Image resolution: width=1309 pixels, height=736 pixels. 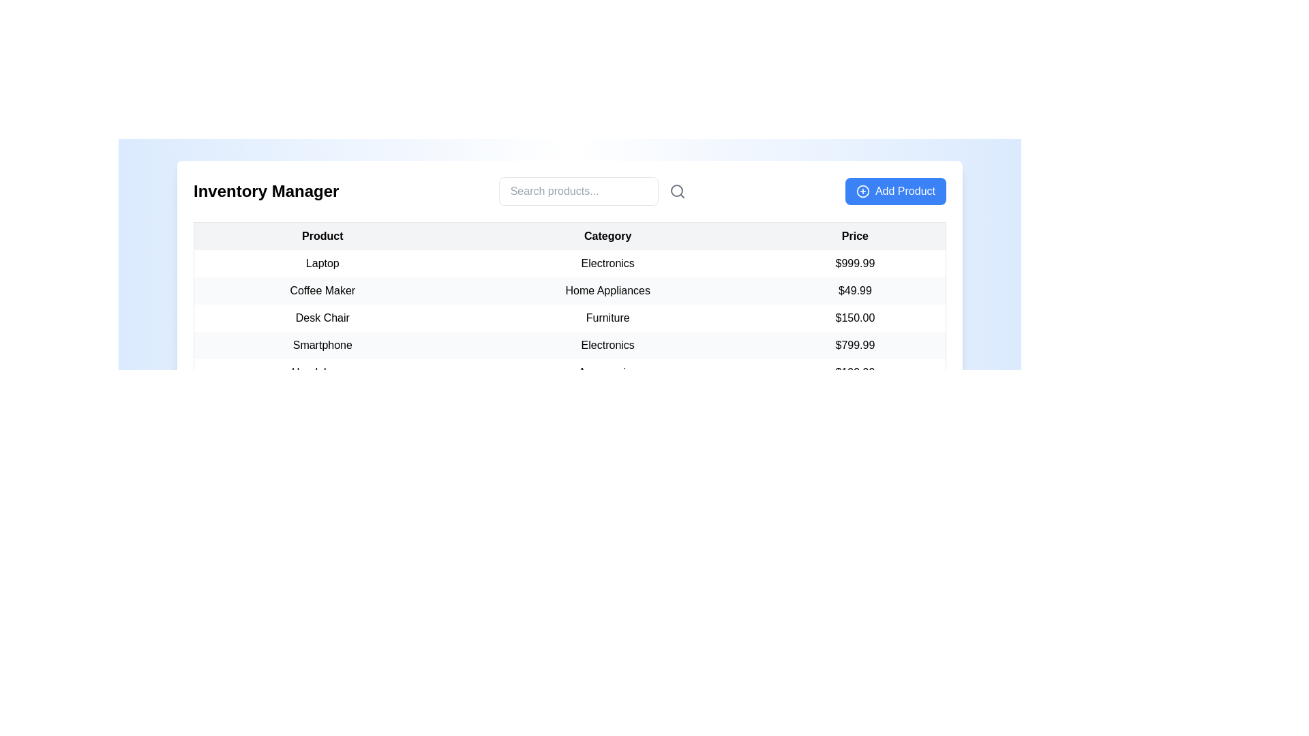 What do you see at coordinates (854, 235) in the screenshot?
I see `the 'Price' text label element, which is a bold black text within a light-gray rectangular background, positioned as the third column header in a table layout` at bounding box center [854, 235].